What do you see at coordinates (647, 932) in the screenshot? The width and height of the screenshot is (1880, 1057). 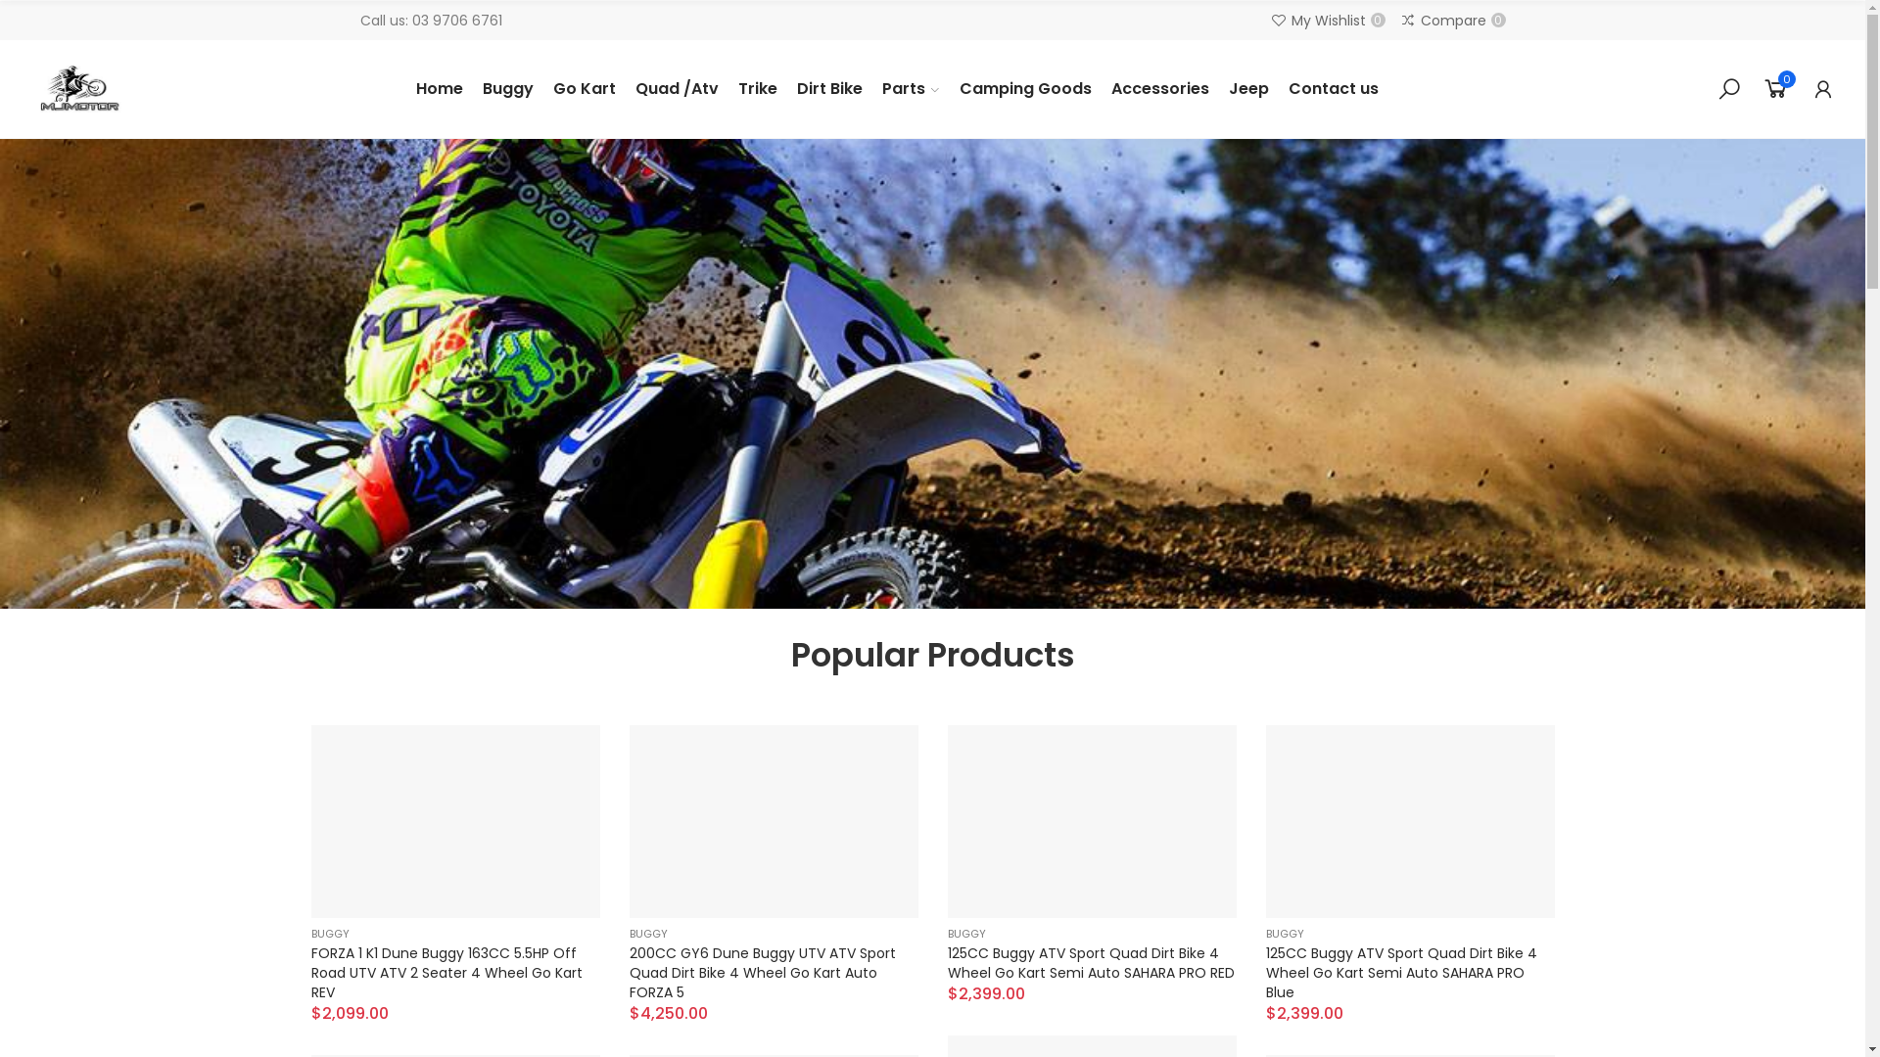 I see `'BUGGY'` at bounding box center [647, 932].